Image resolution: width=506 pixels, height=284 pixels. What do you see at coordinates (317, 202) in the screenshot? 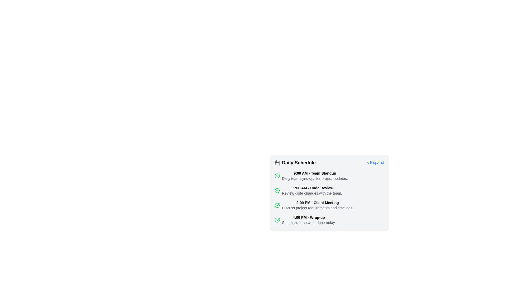
I see `the Text Label element that reads '2:00 PM - Client Meeting', which is the third entry in the schedule list and visually distinct as a time-based agenda item` at bounding box center [317, 202].